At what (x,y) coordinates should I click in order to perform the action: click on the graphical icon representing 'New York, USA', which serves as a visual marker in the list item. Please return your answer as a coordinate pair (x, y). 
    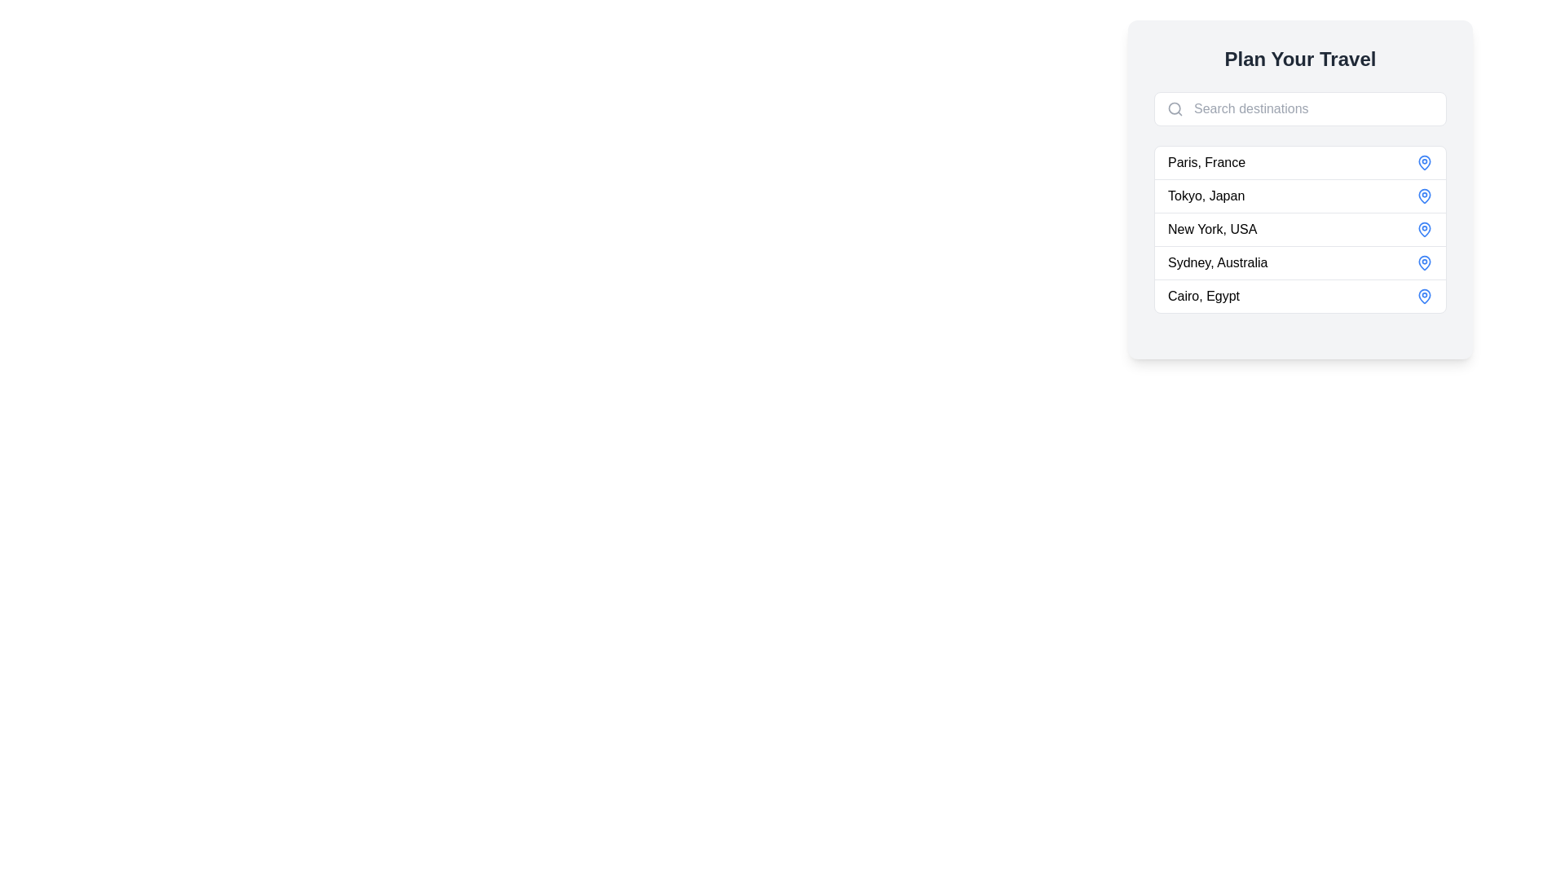
    Looking at the image, I should click on (1423, 229).